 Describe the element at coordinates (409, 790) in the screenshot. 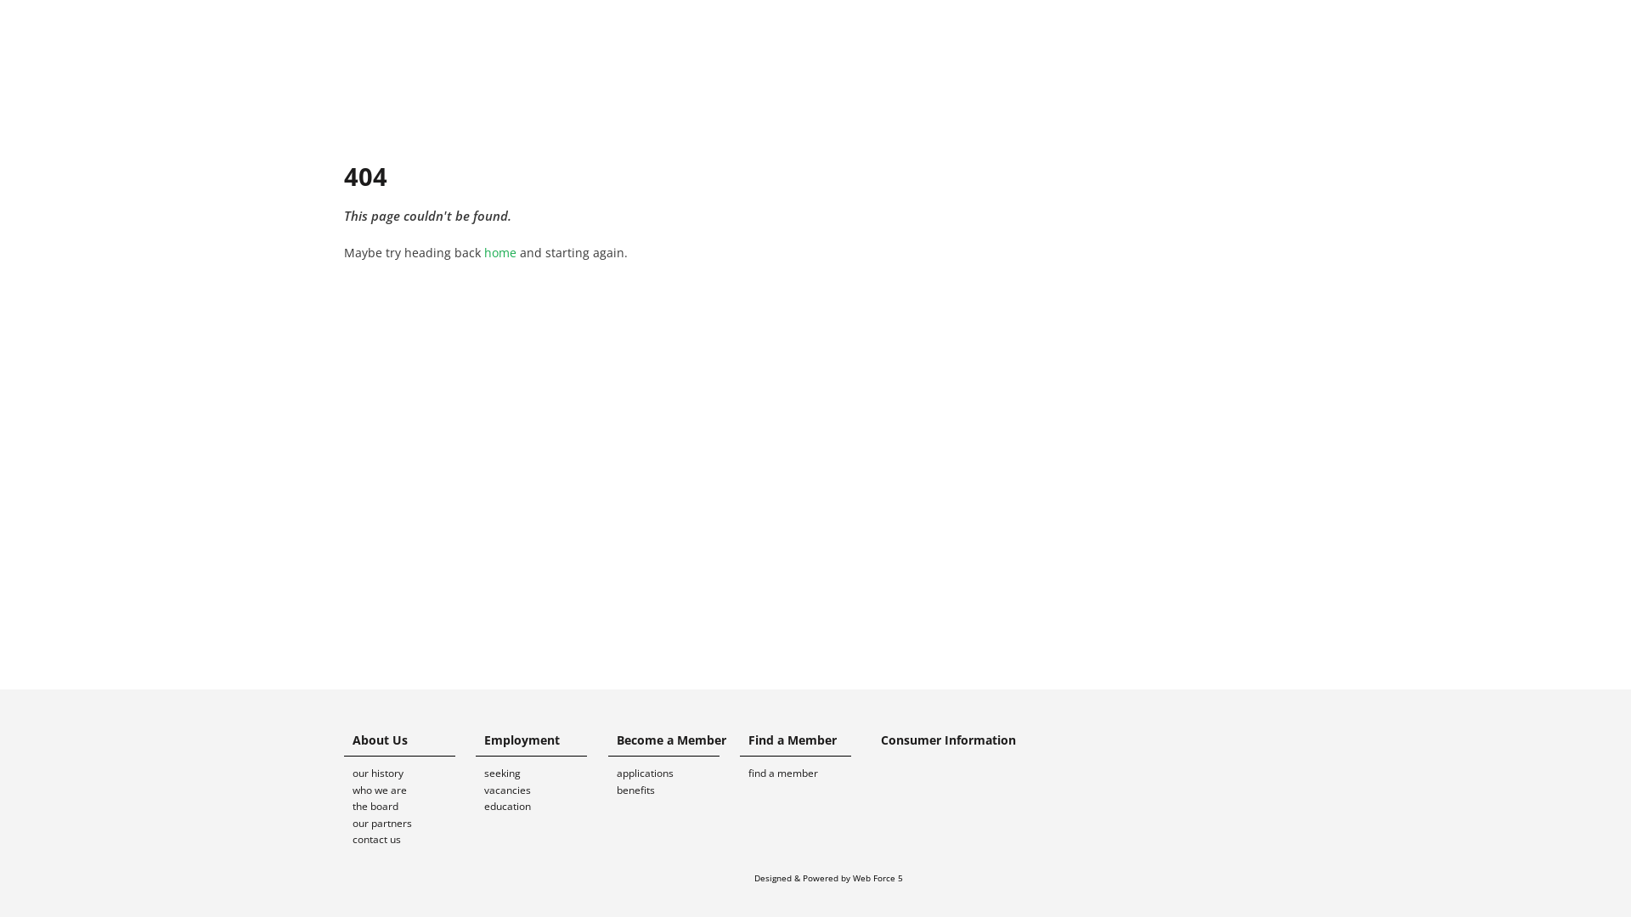

I see `'who we are'` at that location.